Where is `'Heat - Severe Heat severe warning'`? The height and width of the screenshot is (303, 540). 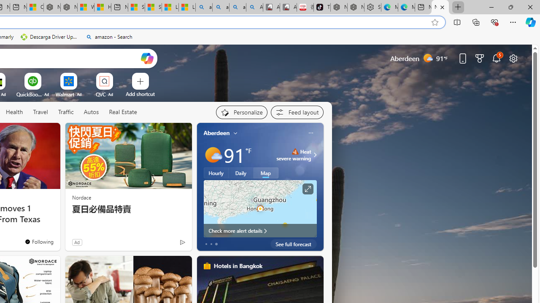 'Heat - Severe Heat severe warning' is located at coordinates (294, 154).